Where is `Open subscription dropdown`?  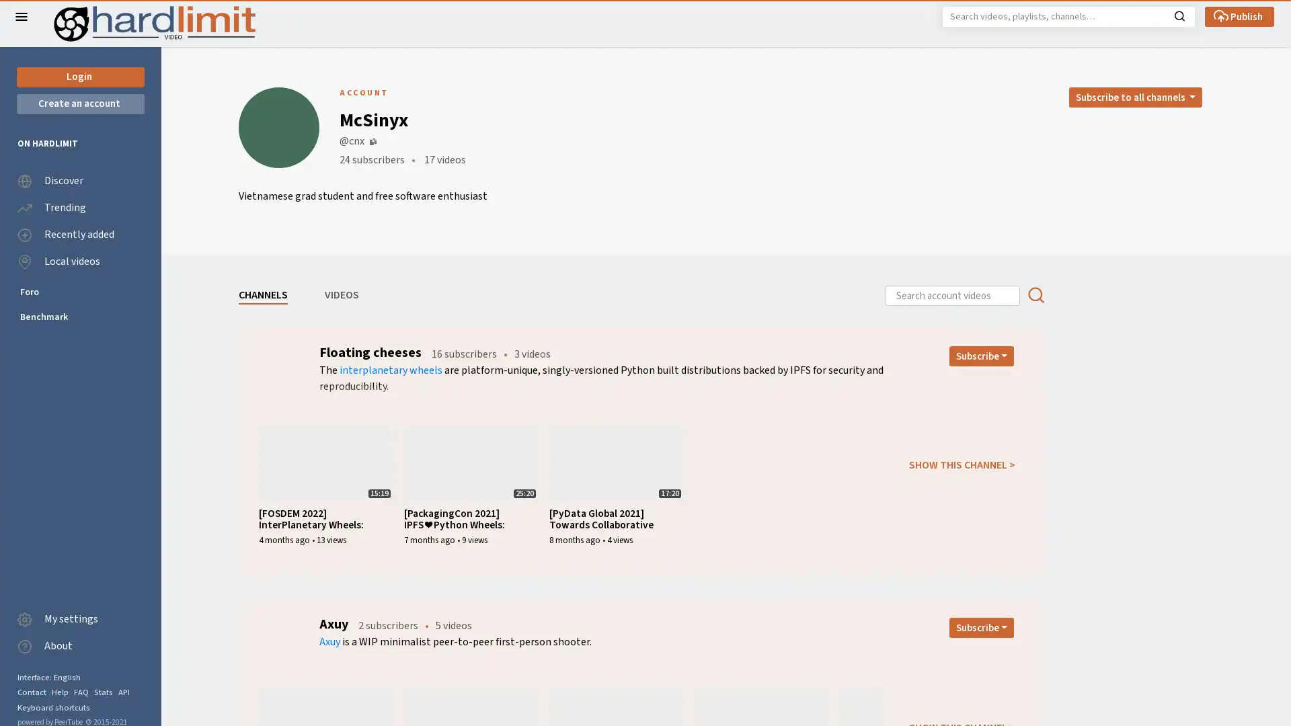 Open subscription dropdown is located at coordinates (1134, 97).